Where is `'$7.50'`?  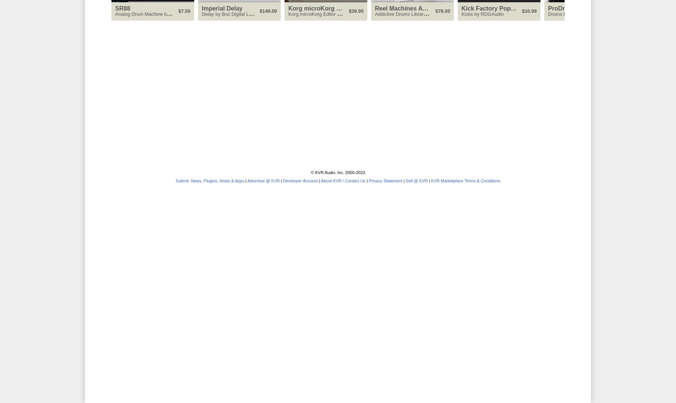
'$7.50' is located at coordinates (184, 11).